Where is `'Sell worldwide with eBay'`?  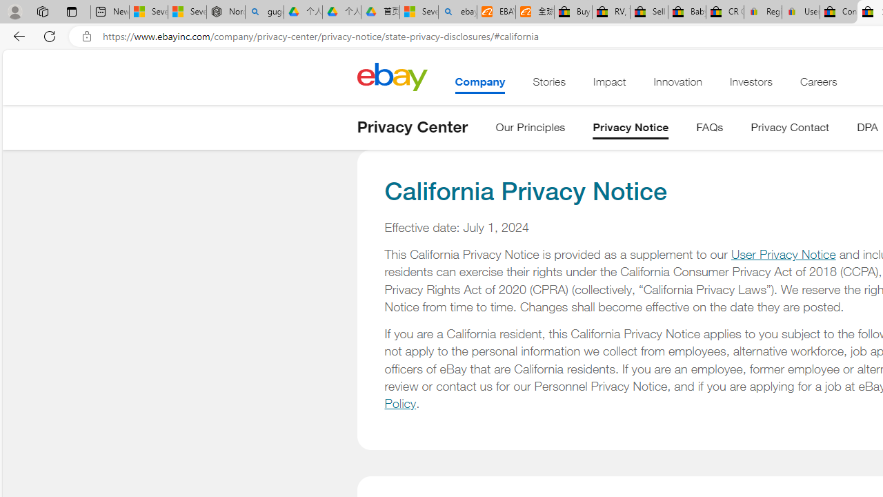
'Sell worldwide with eBay' is located at coordinates (648, 12).